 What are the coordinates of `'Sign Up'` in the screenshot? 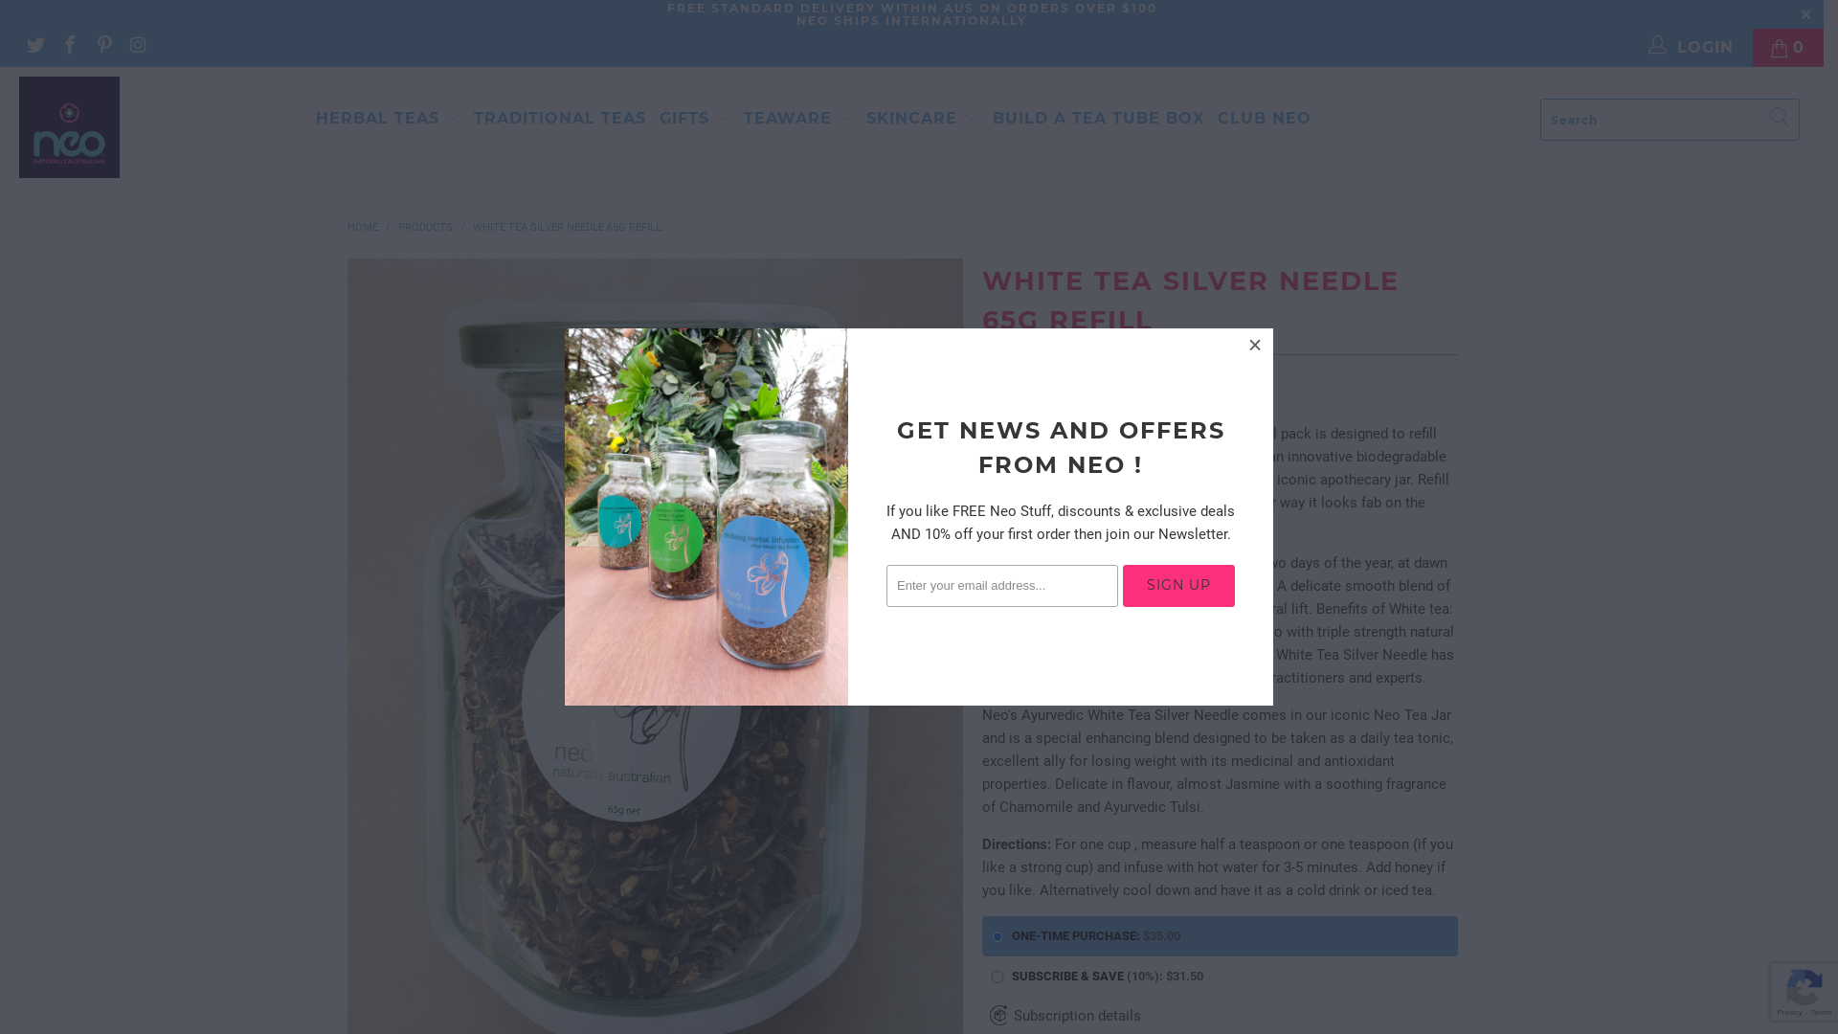 It's located at (1177, 585).